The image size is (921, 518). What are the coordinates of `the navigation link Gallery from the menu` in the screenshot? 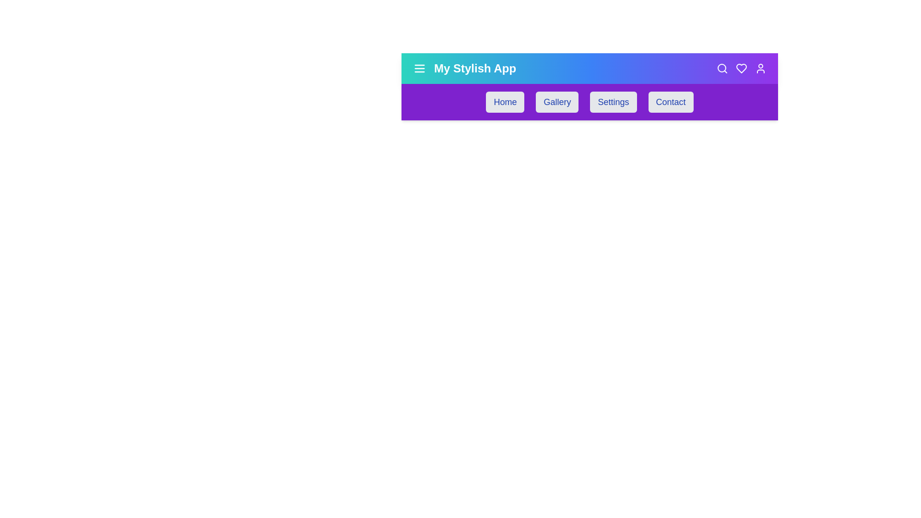 It's located at (557, 102).